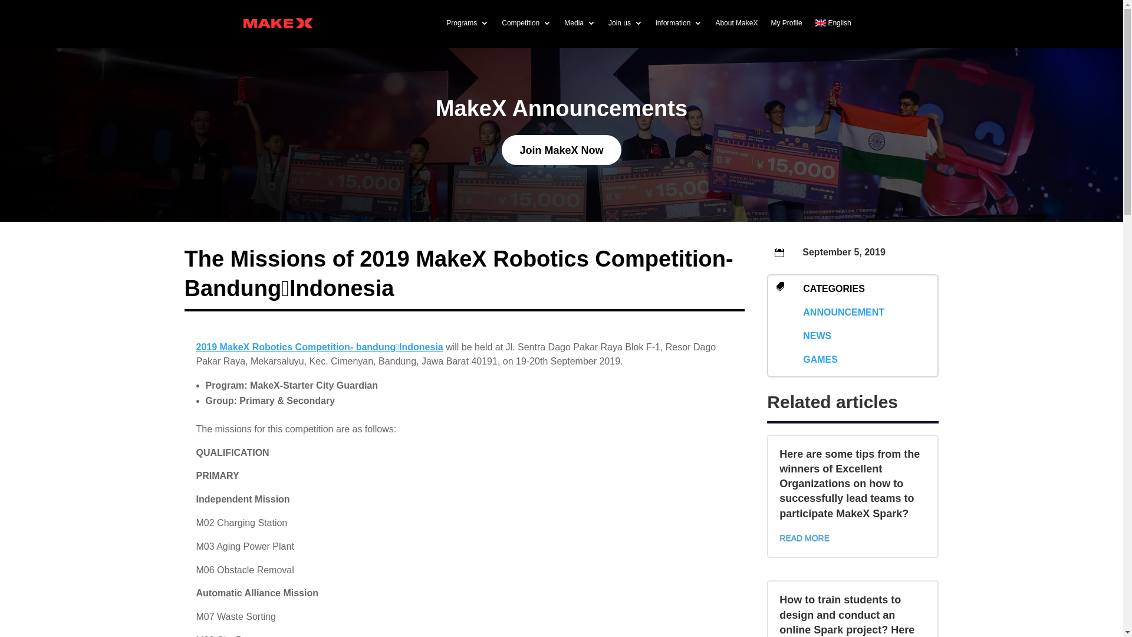  I want to click on 'About MakeX', so click(735, 22).